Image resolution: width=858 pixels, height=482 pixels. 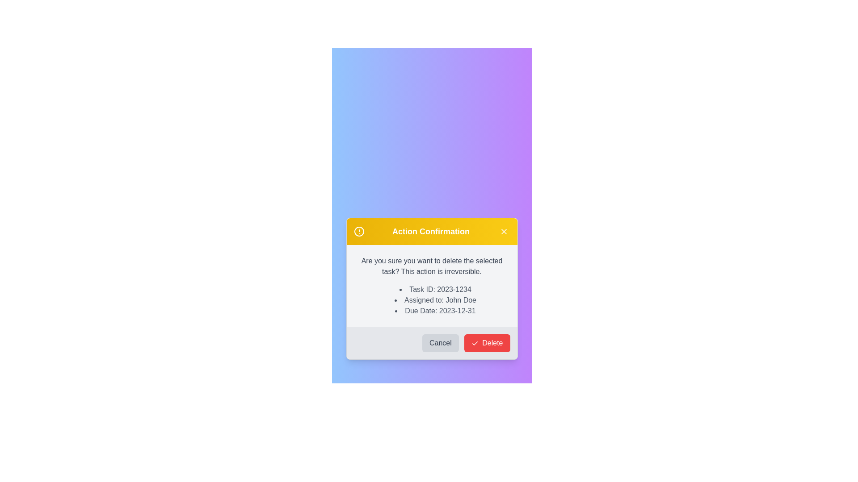 What do you see at coordinates (504, 231) in the screenshot?
I see `the 'X' shaped icon button in the yellow header bar of the confirmation dialog box` at bounding box center [504, 231].